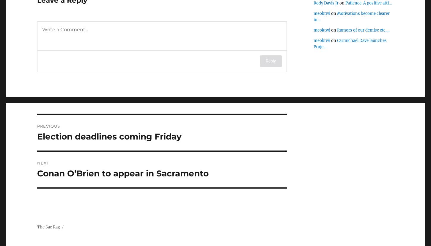 Image resolution: width=431 pixels, height=246 pixels. I want to click on 'Rody Davis Jr', so click(326, 3).